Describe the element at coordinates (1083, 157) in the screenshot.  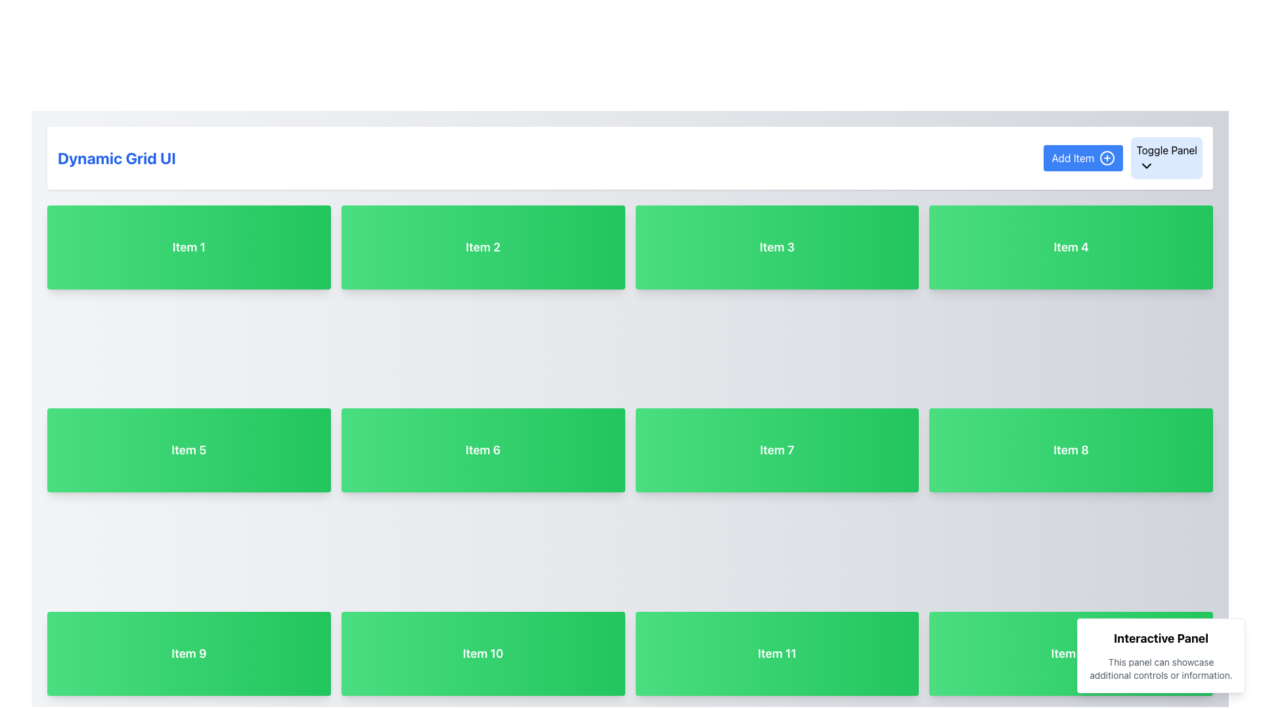
I see `the 'Add Item' button, which is a rectangular button with rounded corners, blue background, white text, and a '+' icon, located in the top-right part of the interface` at that location.